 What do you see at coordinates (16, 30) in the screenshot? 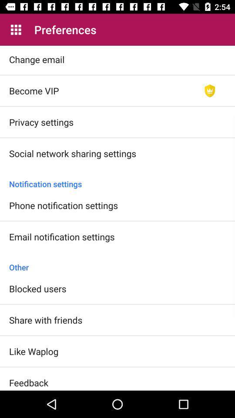
I see `app next to preferences icon` at bounding box center [16, 30].